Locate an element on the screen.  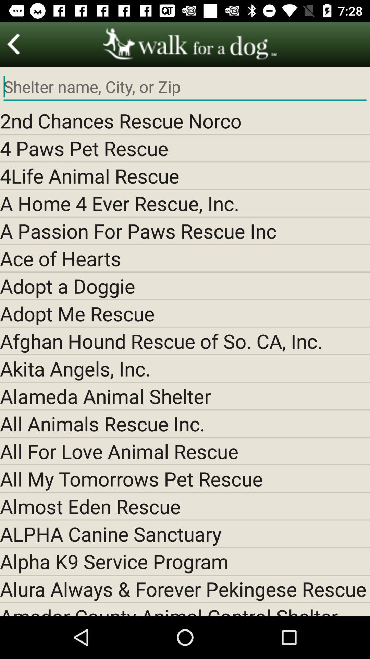
search is located at coordinates (185, 86).